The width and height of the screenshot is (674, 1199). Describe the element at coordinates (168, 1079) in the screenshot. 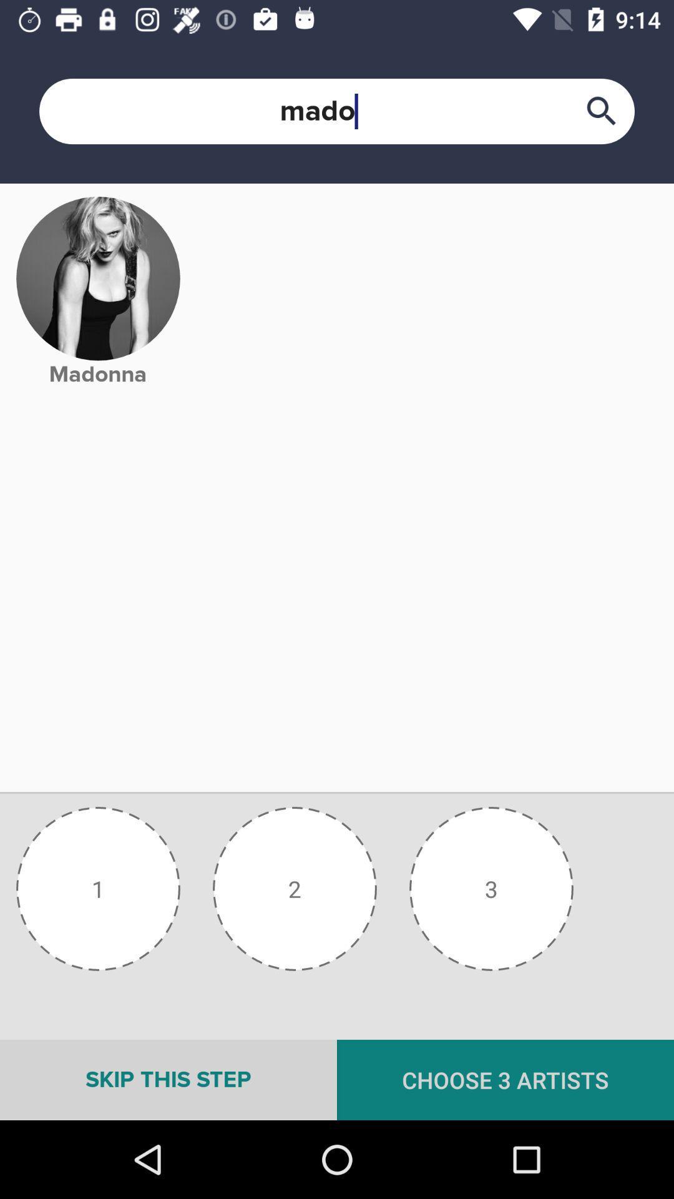

I see `the icon next to choose 3 artists` at that location.